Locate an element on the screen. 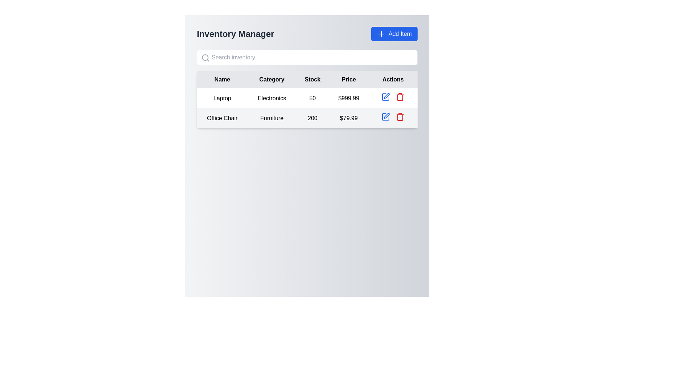 This screenshot has height=391, width=696. the table cell displaying the number '50' in bold text under the 'Stock' column for the product 'Laptop' is located at coordinates (312, 98).